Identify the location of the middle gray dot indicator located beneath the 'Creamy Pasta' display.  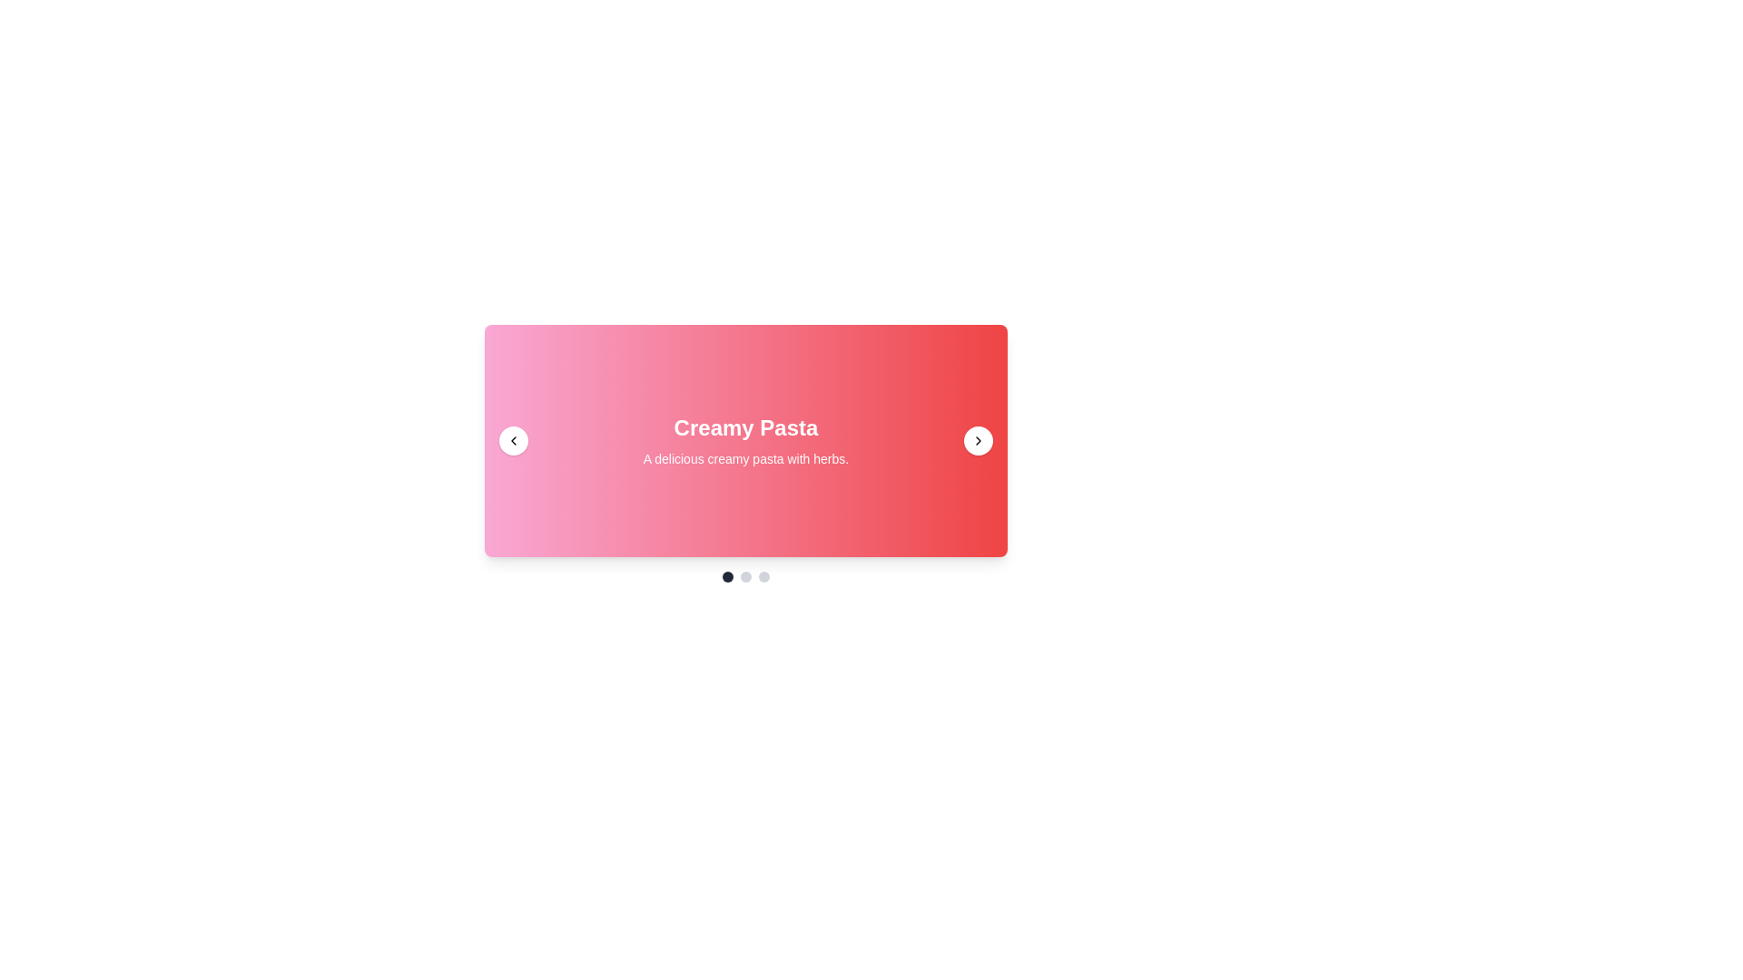
(745, 577).